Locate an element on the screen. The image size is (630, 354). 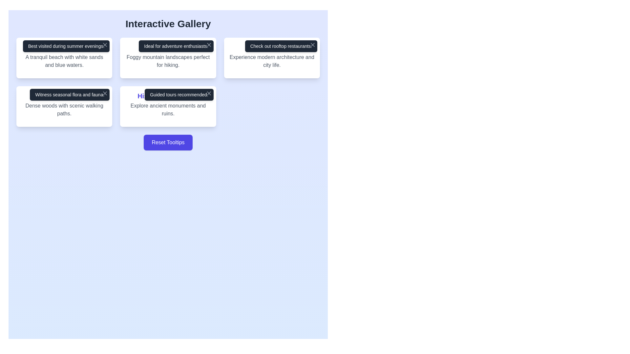
the small circular button with an 'X' icon located at the top-right corner of the tooltip box displaying 'Check out rooftop restaurants.' is located at coordinates (312, 45).